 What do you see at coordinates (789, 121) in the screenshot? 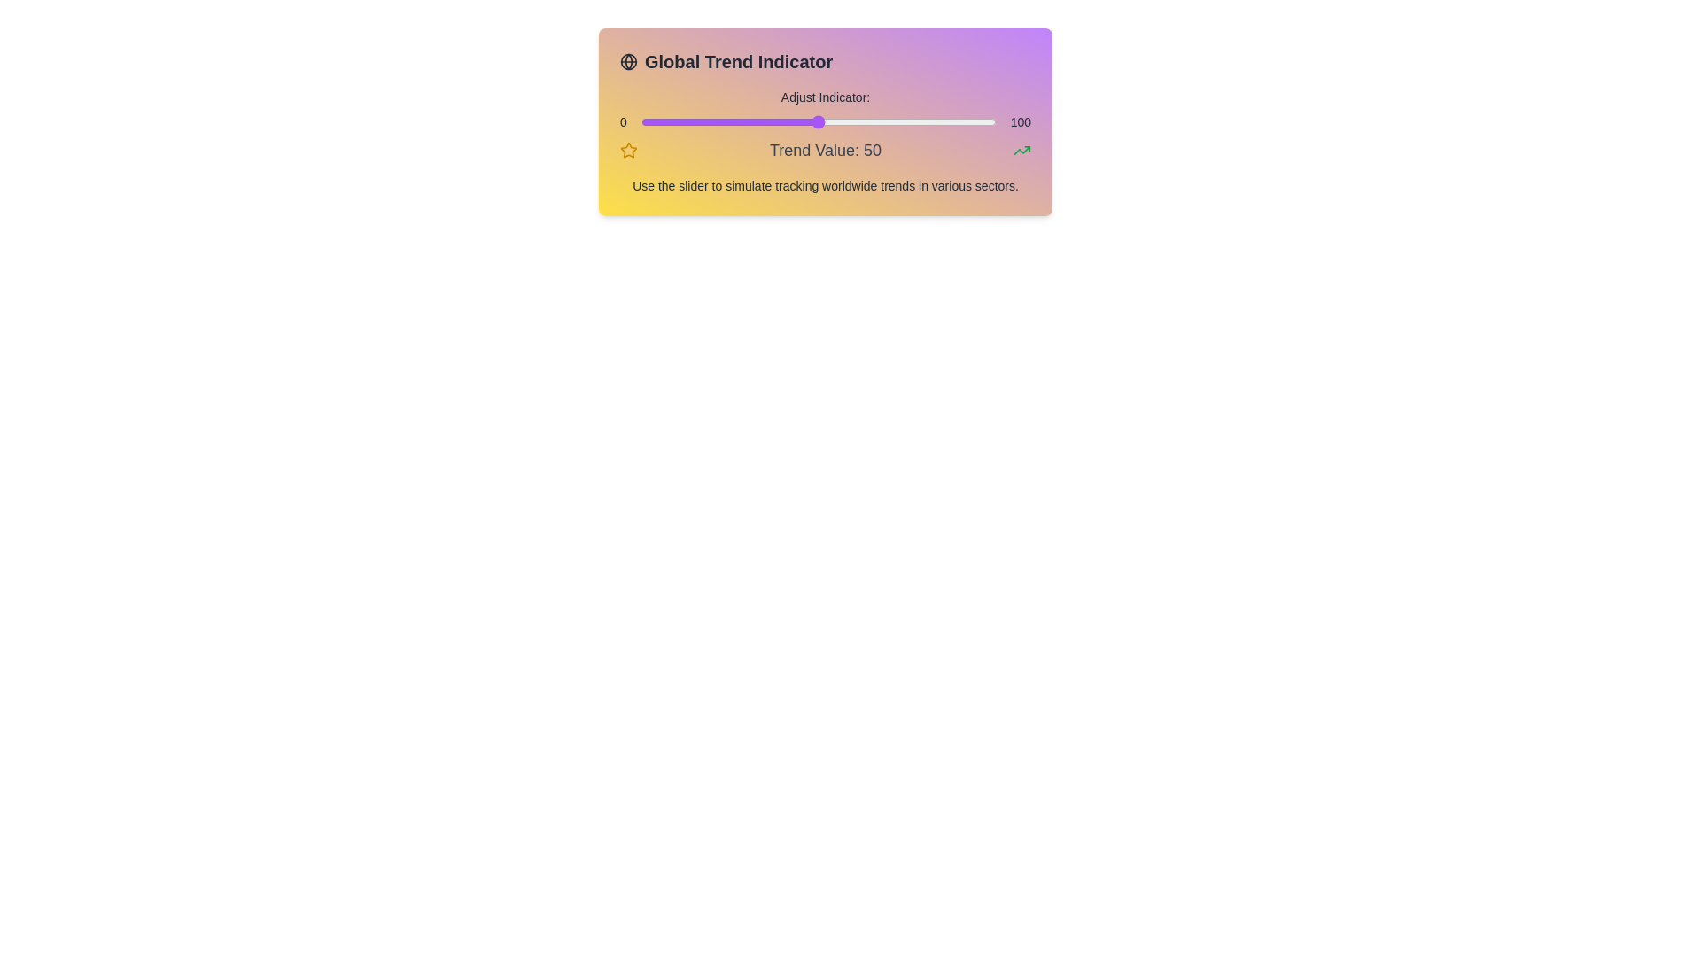
I see `the slider to set the value to 42` at bounding box center [789, 121].